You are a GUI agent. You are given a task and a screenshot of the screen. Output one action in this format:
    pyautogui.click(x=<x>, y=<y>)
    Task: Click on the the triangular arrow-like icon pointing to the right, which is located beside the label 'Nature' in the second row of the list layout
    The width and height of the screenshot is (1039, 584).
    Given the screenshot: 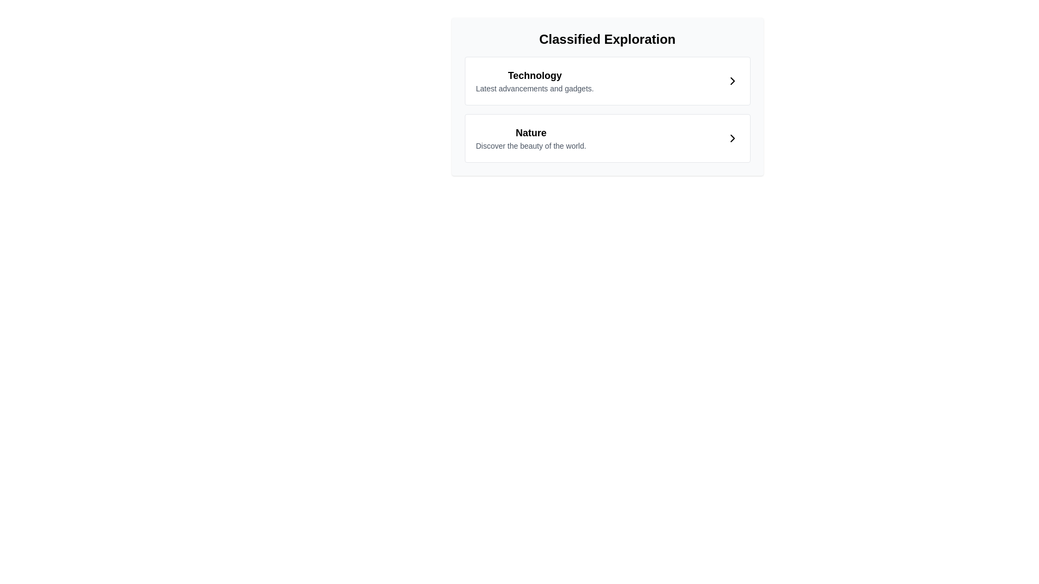 What is the action you would take?
    pyautogui.click(x=732, y=137)
    